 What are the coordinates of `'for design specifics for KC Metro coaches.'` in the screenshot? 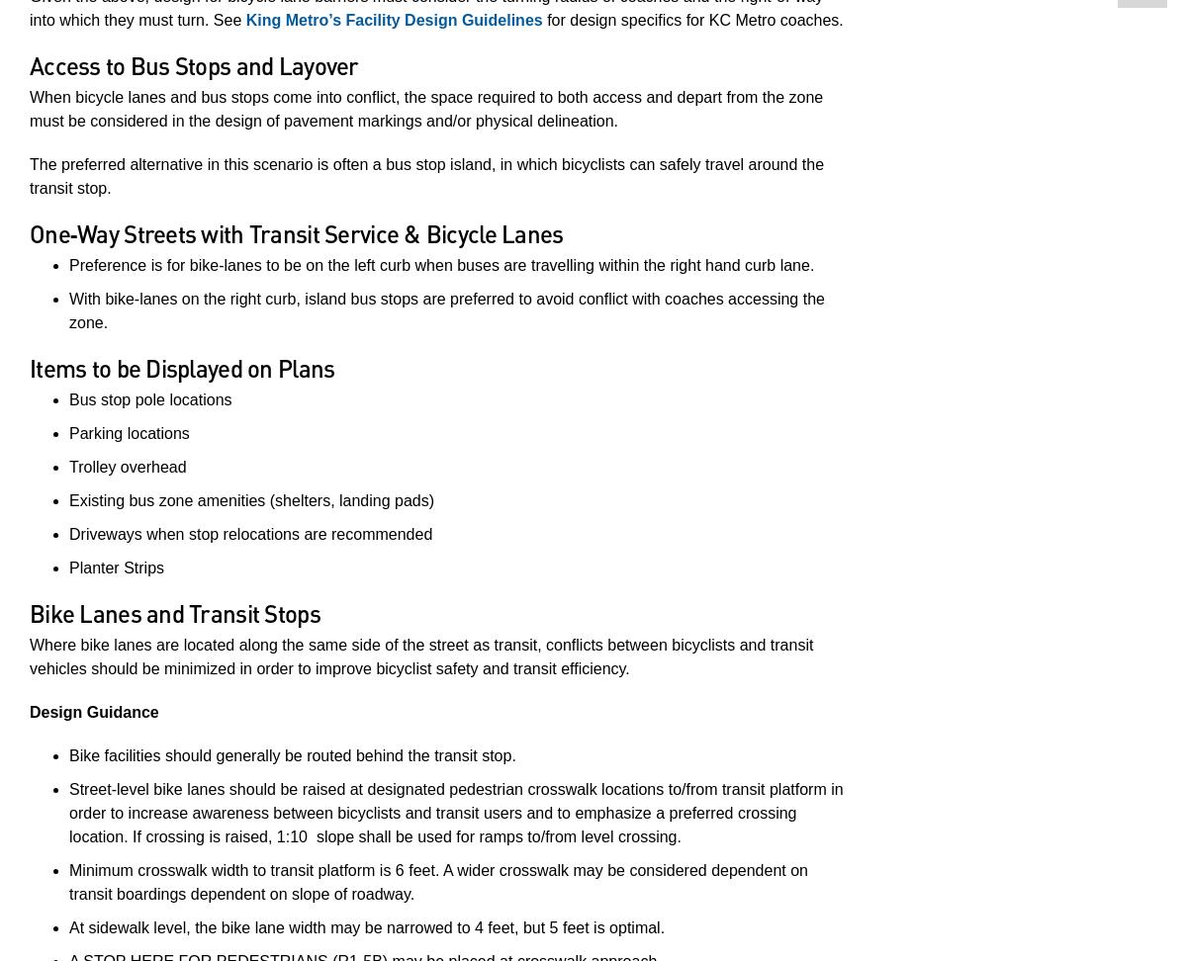 It's located at (691, 20).